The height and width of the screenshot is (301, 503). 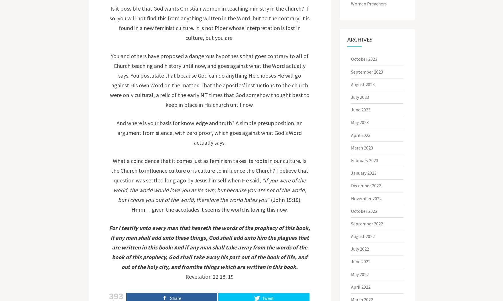 What do you see at coordinates (360, 122) in the screenshot?
I see `'May 2023'` at bounding box center [360, 122].